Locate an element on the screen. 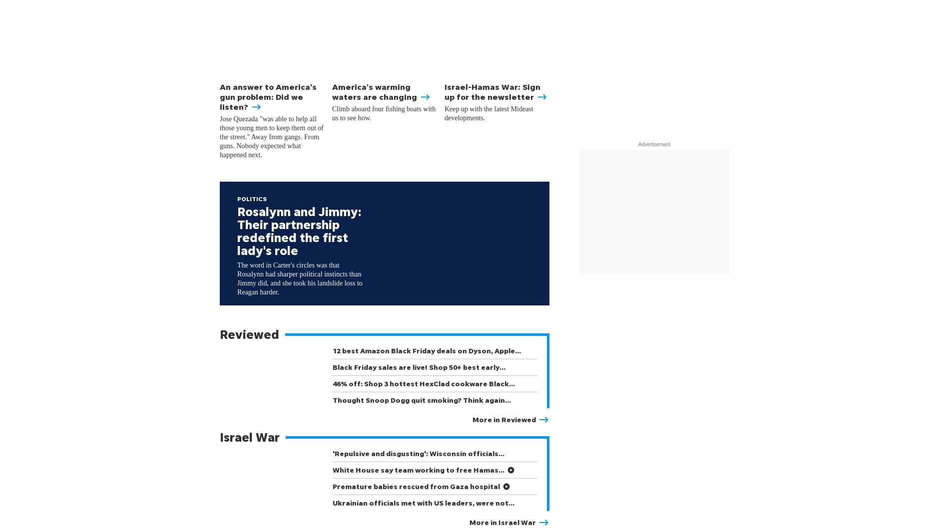 Image resolution: width=949 pixels, height=528 pixels. 'More in Reviewed' is located at coordinates (472, 419).